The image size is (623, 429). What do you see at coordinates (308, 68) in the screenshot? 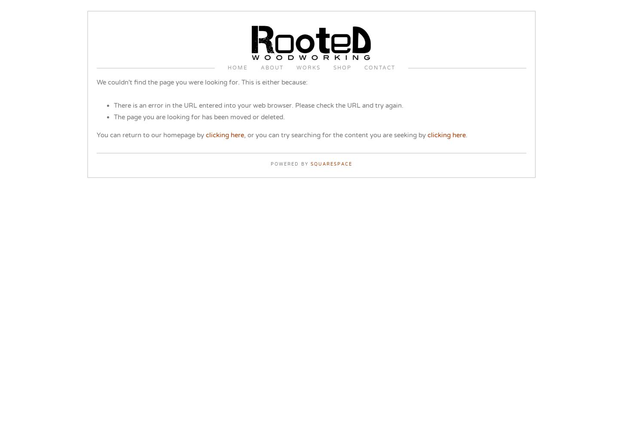
I see `'works'` at bounding box center [308, 68].